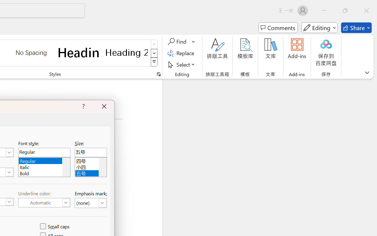 The width and height of the screenshot is (377, 236). Describe the element at coordinates (181, 53) in the screenshot. I see `'Replace...'` at that location.